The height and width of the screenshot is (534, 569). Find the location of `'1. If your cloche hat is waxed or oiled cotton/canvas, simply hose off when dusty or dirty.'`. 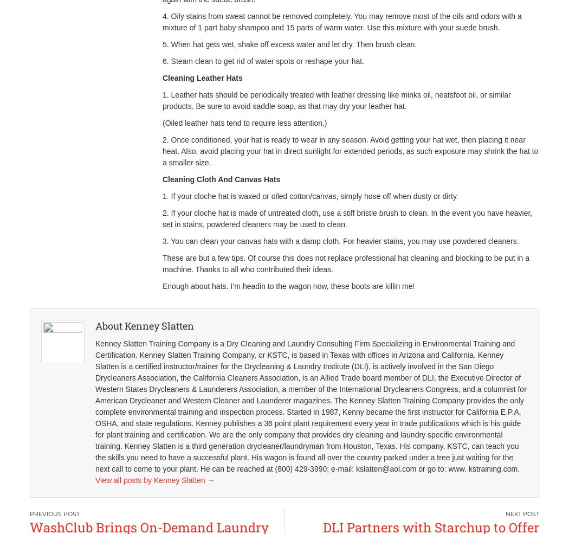

'1. If your cloche hat is waxed or oiled cotton/canvas, simply hose off when dusty or dirty.' is located at coordinates (161, 196).